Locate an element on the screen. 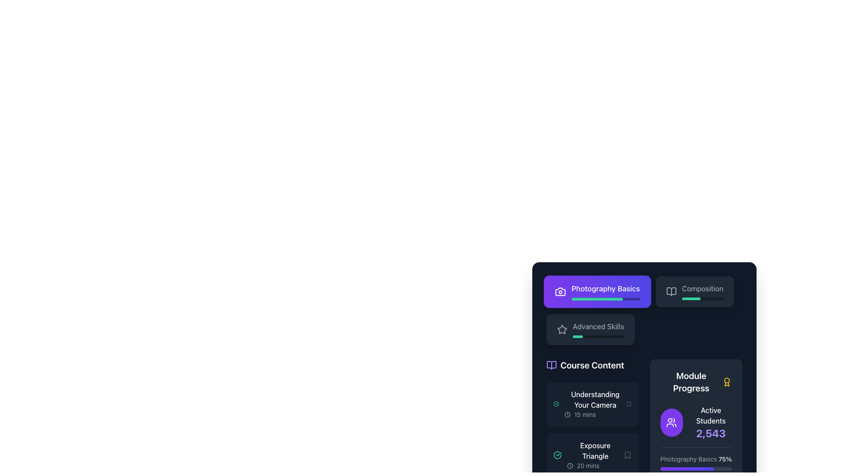  the list item titled 'Exposure Triangle', which indicates a completed course lesson is located at coordinates (588, 455).